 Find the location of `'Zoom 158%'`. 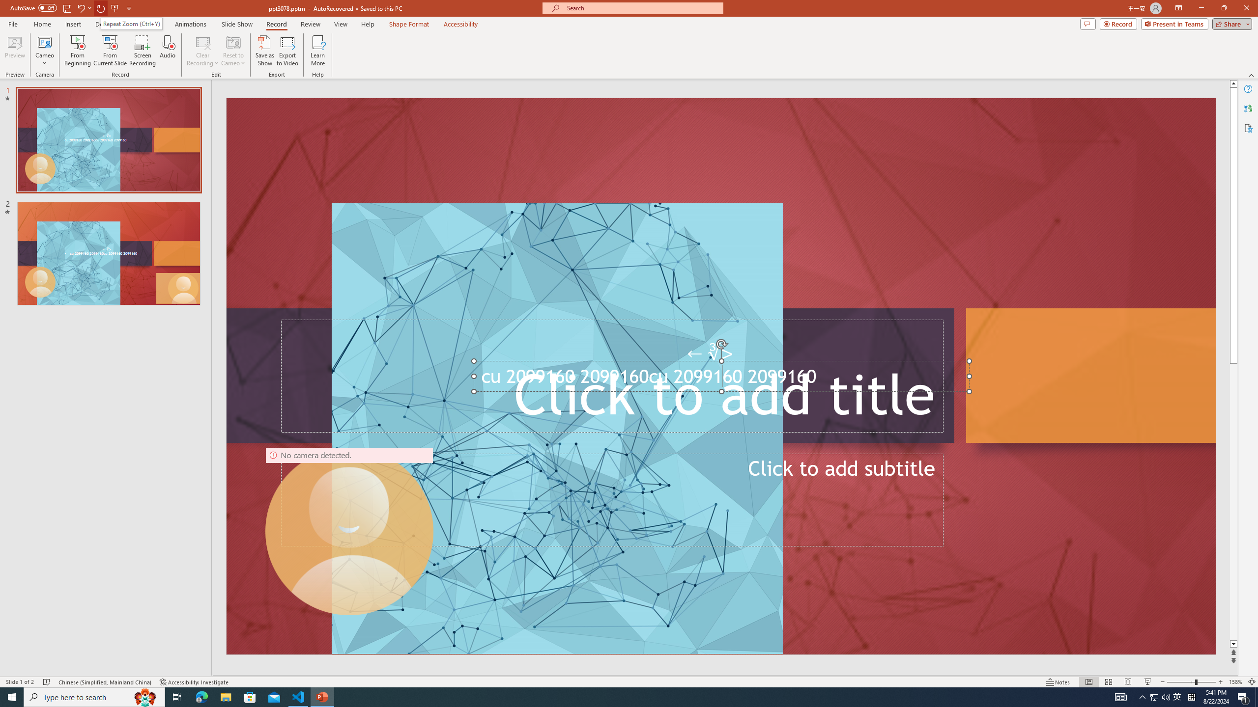

'Zoom 158%' is located at coordinates (1236, 682).